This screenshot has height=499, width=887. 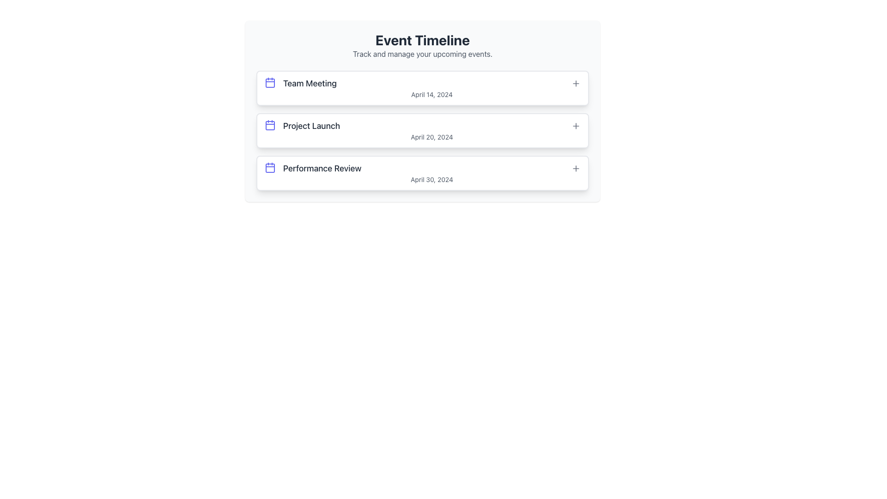 I want to click on the text label for 'Project Launch', which is the second item in a vertical list of events, so click(x=311, y=126).